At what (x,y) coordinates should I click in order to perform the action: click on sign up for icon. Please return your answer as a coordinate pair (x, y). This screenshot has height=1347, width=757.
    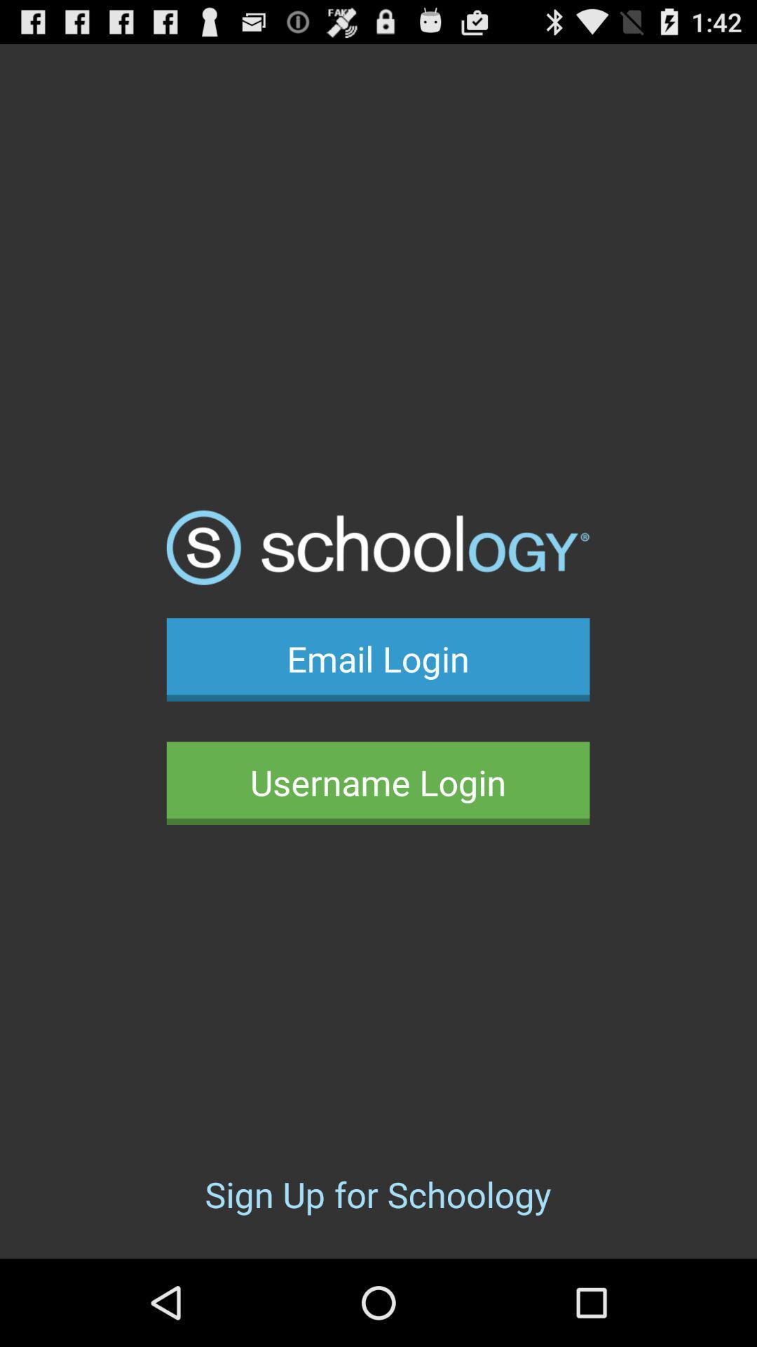
    Looking at the image, I should click on (377, 1193).